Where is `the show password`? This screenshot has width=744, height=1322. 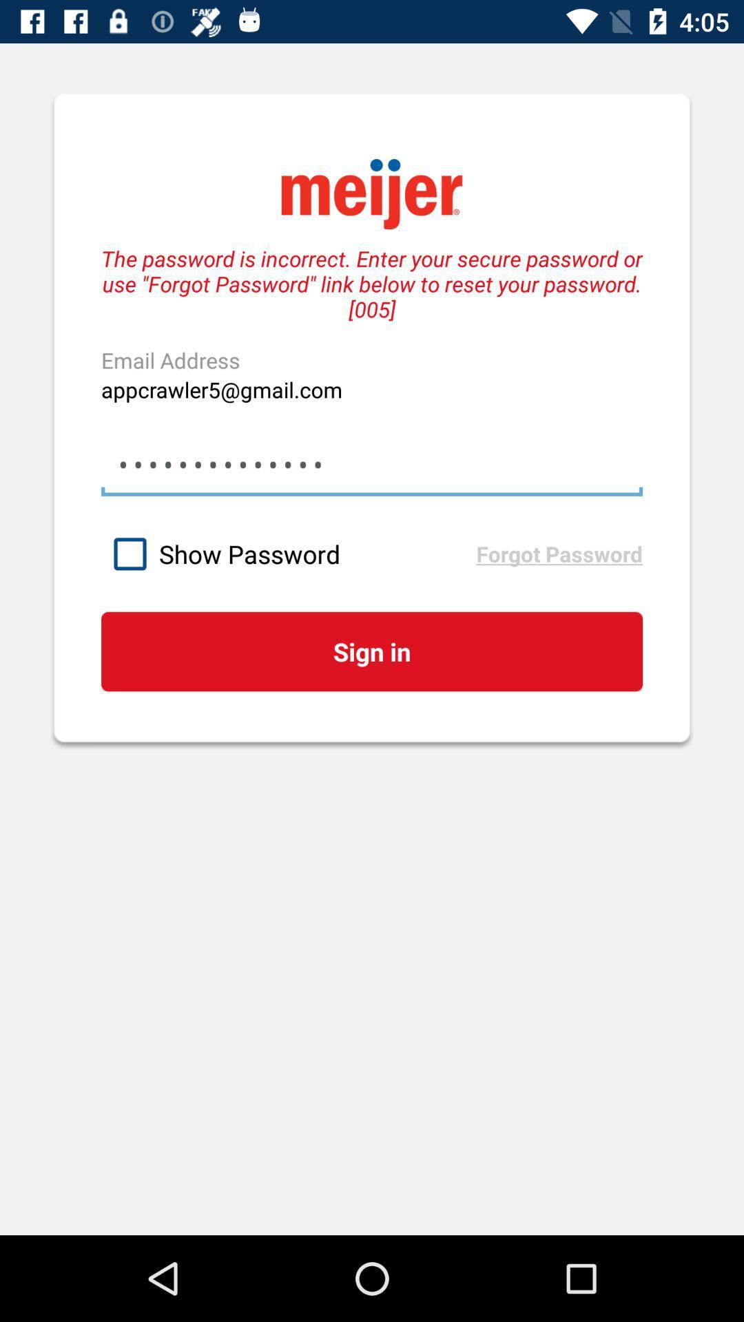
the show password is located at coordinates (288, 554).